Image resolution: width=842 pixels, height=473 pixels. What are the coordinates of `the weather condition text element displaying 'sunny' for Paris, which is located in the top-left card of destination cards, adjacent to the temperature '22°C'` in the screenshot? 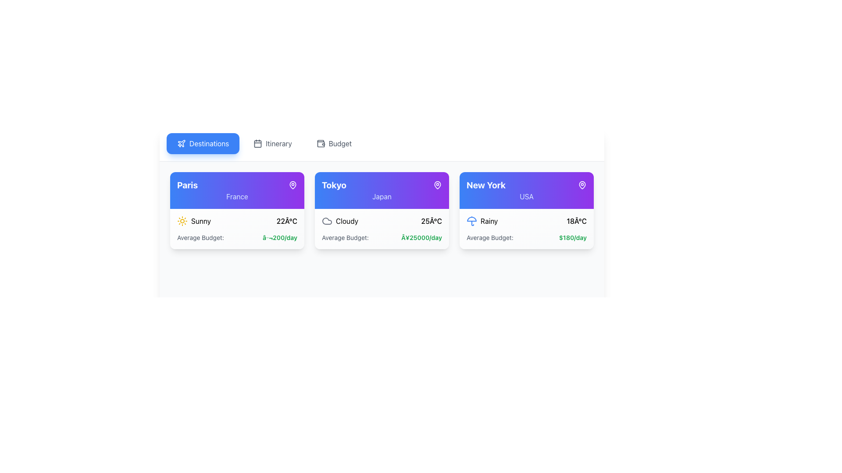 It's located at (193, 221).